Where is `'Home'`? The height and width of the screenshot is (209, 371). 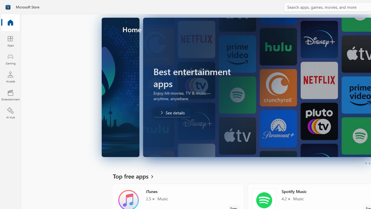 'Home' is located at coordinates (10, 23).